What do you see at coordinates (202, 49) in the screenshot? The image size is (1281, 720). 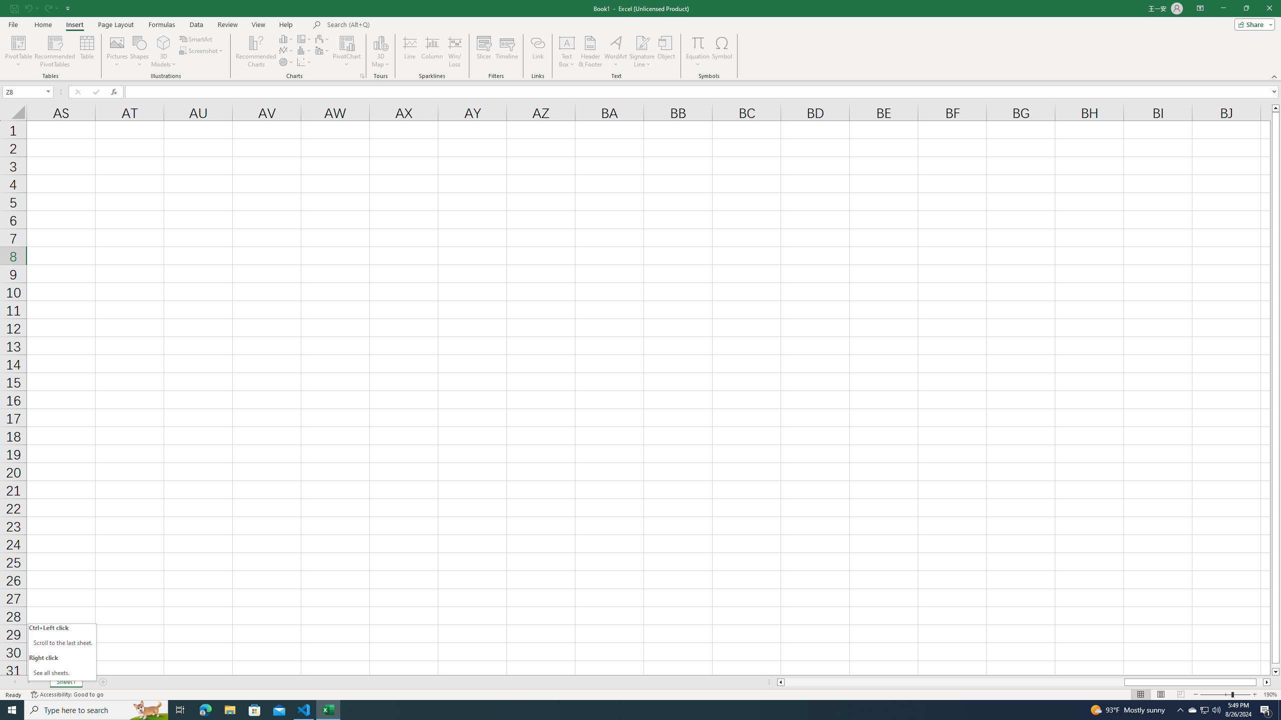 I see `'Screenshot'` at bounding box center [202, 49].